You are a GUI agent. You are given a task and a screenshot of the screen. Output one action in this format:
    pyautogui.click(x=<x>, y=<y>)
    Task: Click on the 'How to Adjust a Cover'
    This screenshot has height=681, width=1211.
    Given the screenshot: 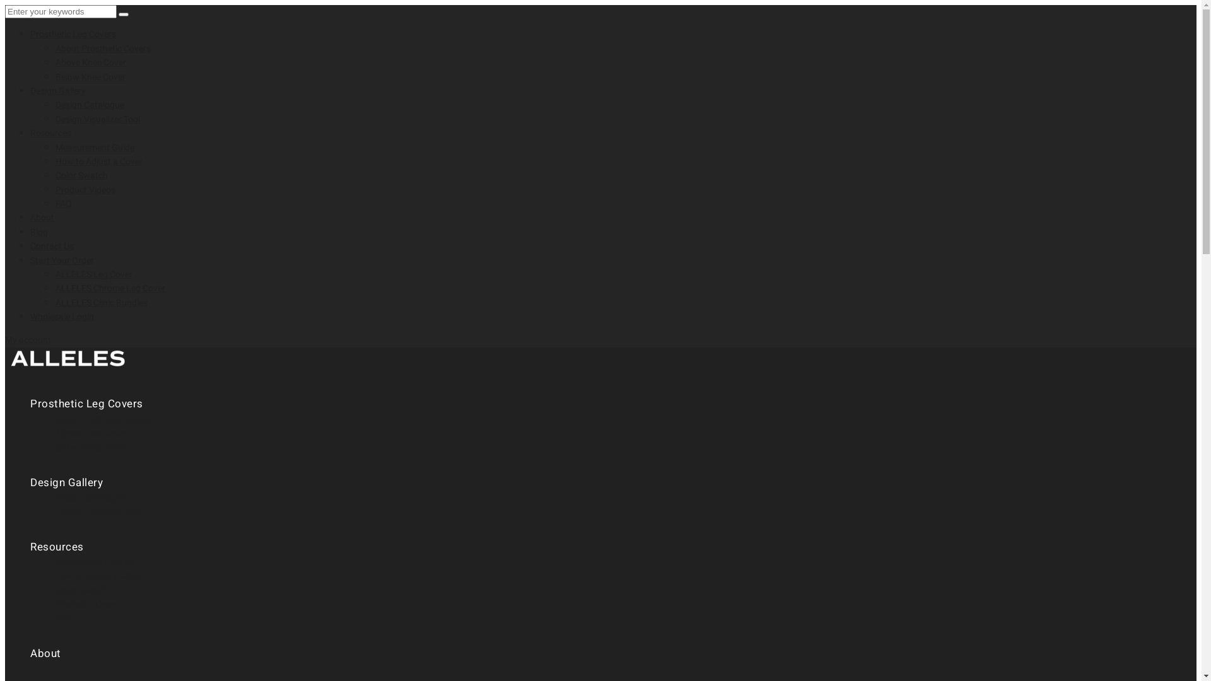 What is the action you would take?
    pyautogui.click(x=98, y=161)
    